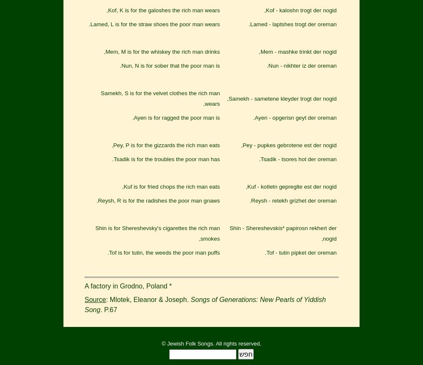 This screenshot has height=365, width=423. Describe the element at coordinates (297, 51) in the screenshot. I see `'Mem - mashke trinkt der nogid,'` at that location.